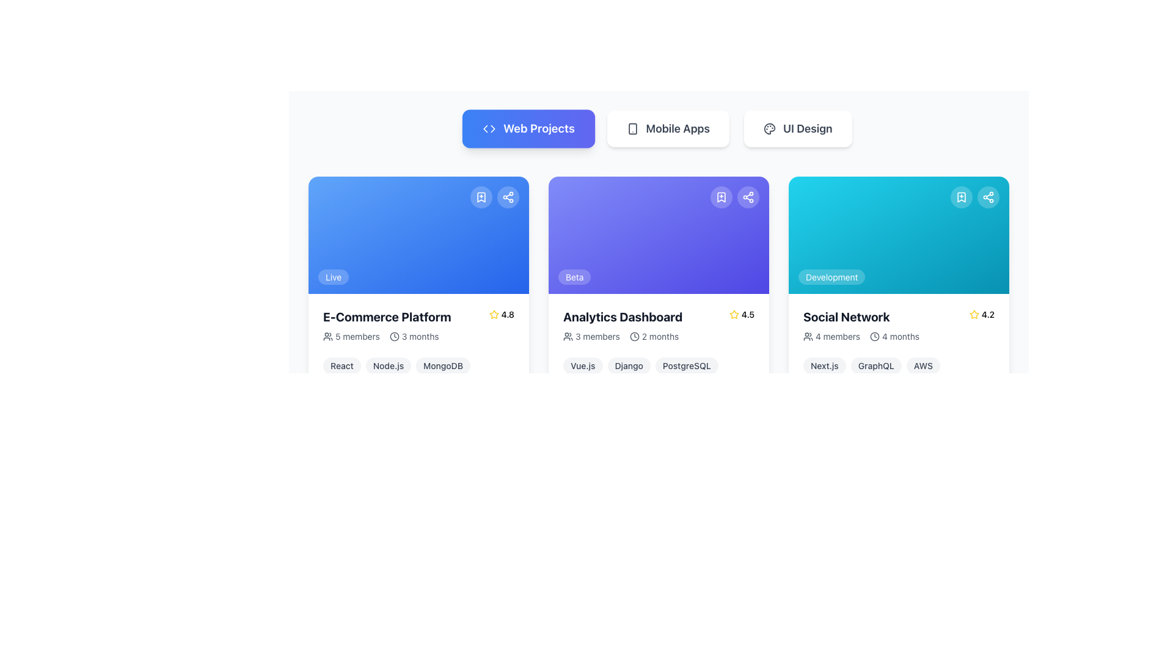 Image resolution: width=1173 pixels, height=660 pixels. What do you see at coordinates (831, 277) in the screenshot?
I see `text from the 'Development' badge located on the top section of the 'Social Network' card, which is the third card in the horizontal list of project cards` at bounding box center [831, 277].